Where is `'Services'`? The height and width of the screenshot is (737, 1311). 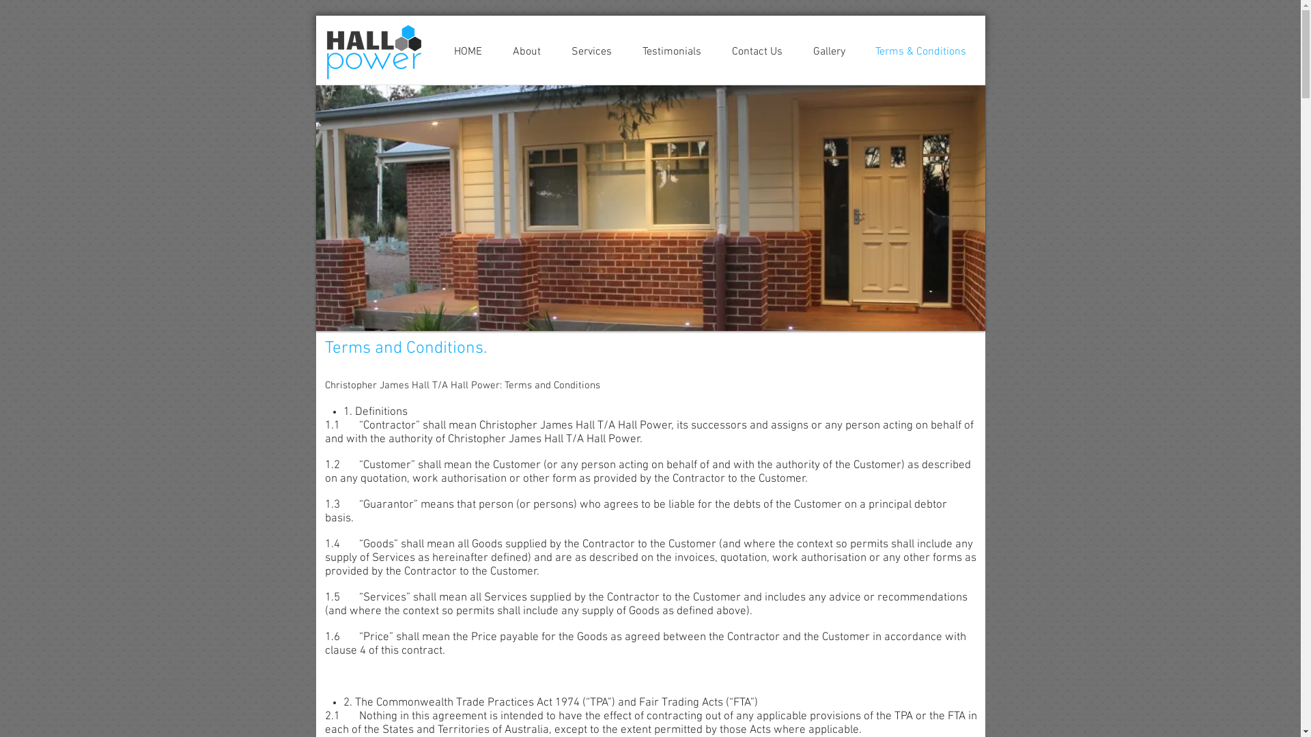 'Services' is located at coordinates (591, 51).